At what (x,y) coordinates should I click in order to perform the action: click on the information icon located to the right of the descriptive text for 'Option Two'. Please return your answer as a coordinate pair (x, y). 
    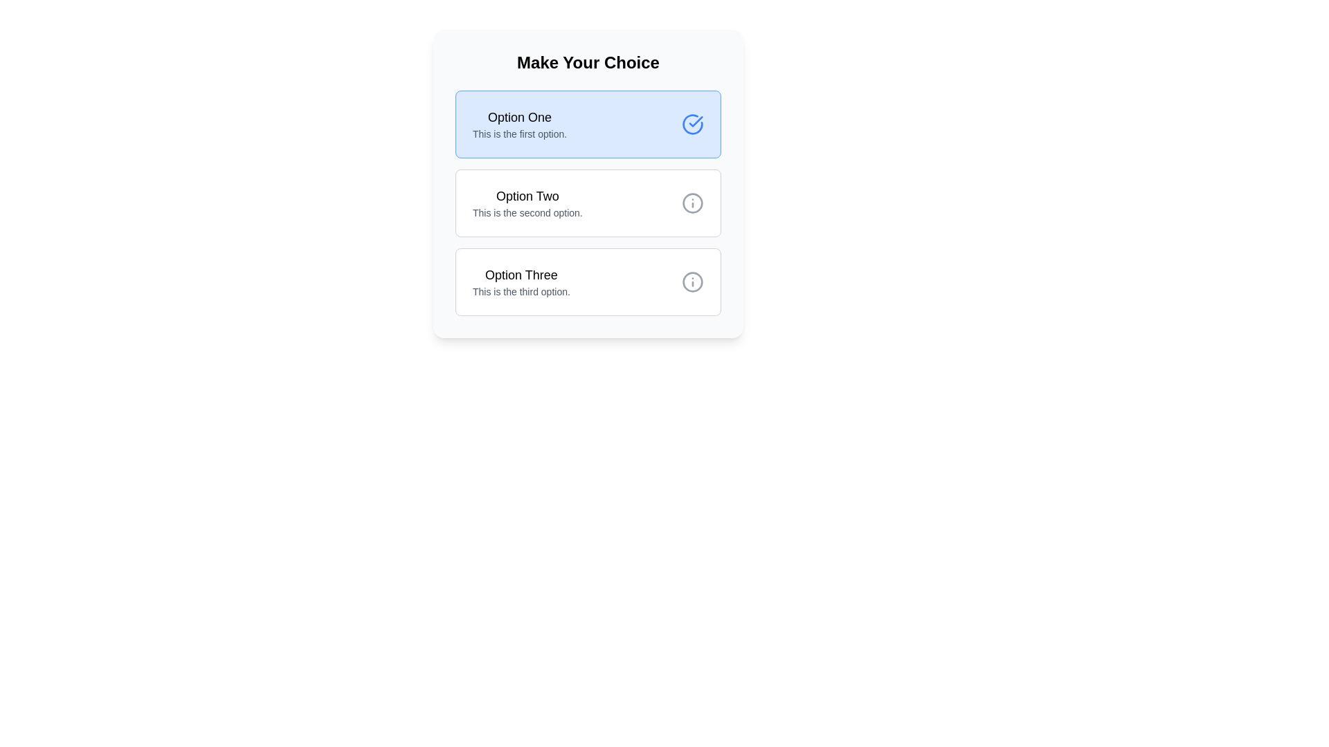
    Looking at the image, I should click on (693, 282).